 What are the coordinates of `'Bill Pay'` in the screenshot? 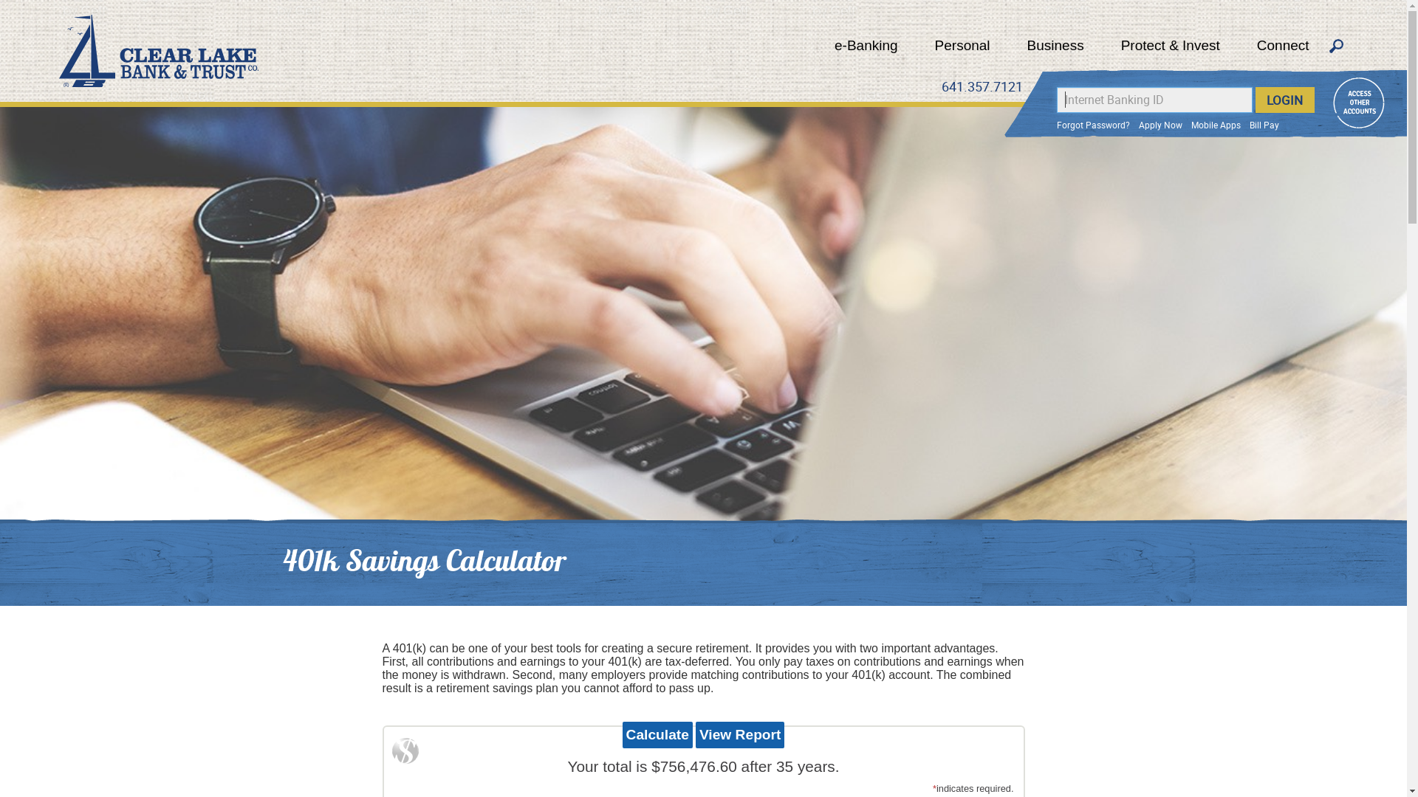 It's located at (1248, 124).